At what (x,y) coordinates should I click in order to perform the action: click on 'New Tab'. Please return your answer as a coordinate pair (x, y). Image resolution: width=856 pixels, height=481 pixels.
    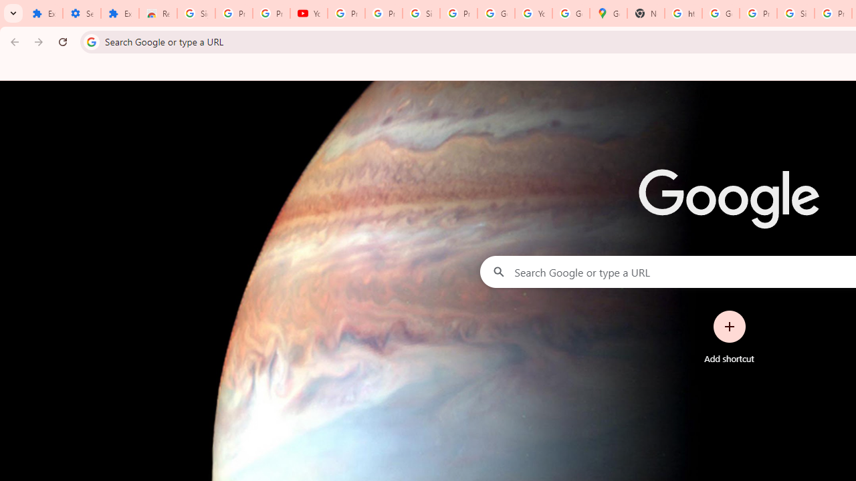
    Looking at the image, I should click on (646, 13).